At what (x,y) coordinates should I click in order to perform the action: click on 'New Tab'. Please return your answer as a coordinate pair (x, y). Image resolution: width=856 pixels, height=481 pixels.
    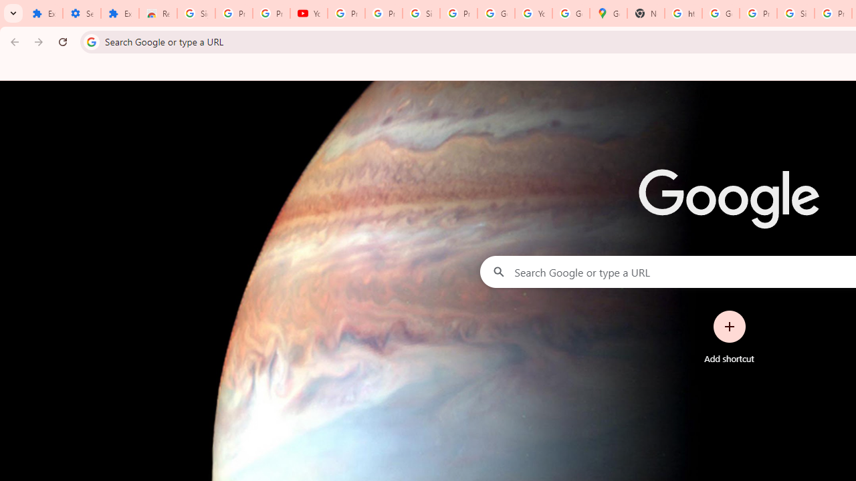
    Looking at the image, I should click on (646, 13).